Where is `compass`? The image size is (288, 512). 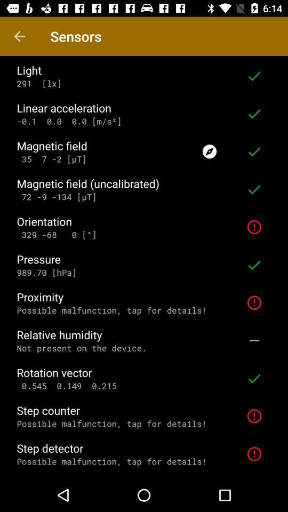
compass is located at coordinates (210, 151).